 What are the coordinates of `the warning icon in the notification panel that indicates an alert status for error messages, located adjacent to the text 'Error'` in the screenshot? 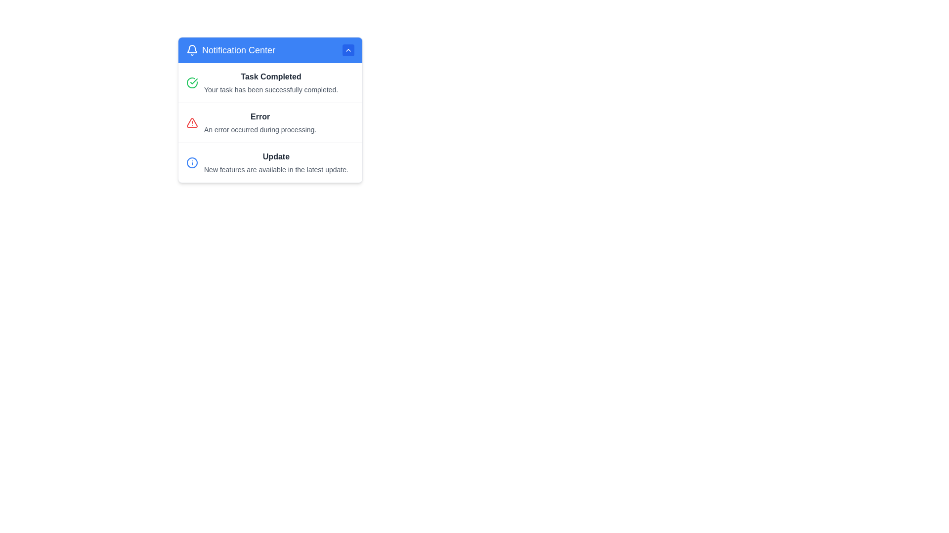 It's located at (192, 122).